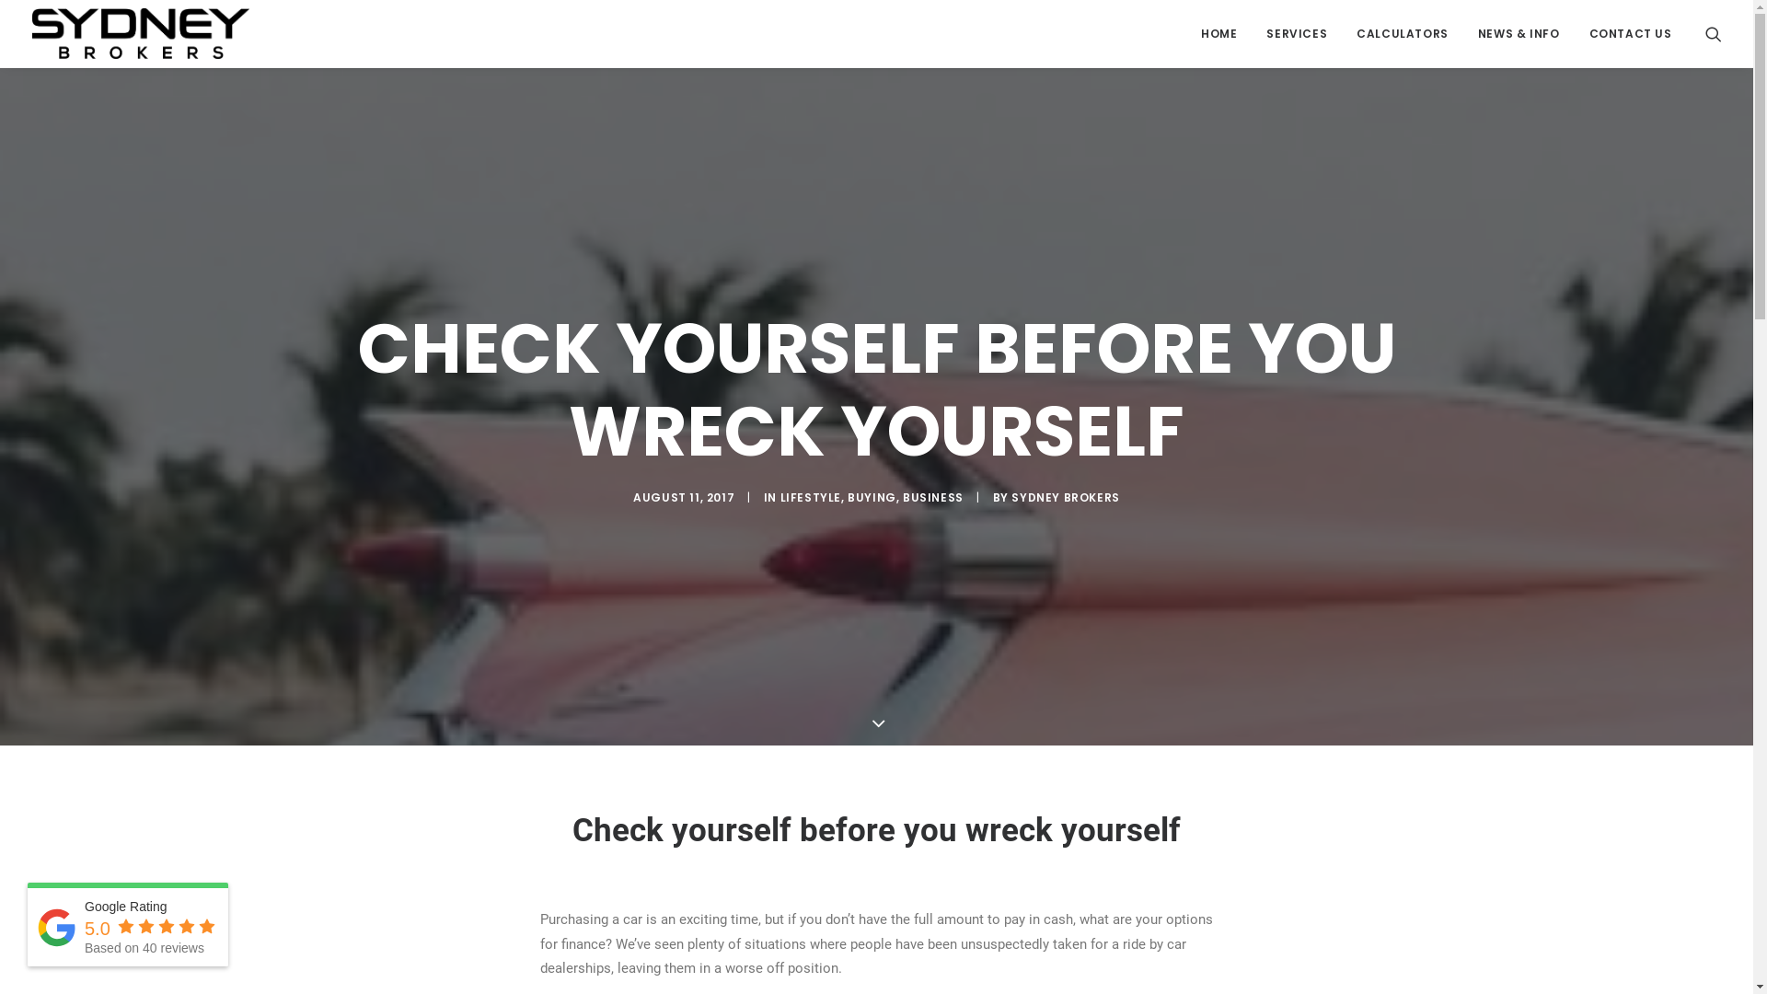 This screenshot has height=994, width=1767. I want to click on 'BUYING', so click(871, 497).